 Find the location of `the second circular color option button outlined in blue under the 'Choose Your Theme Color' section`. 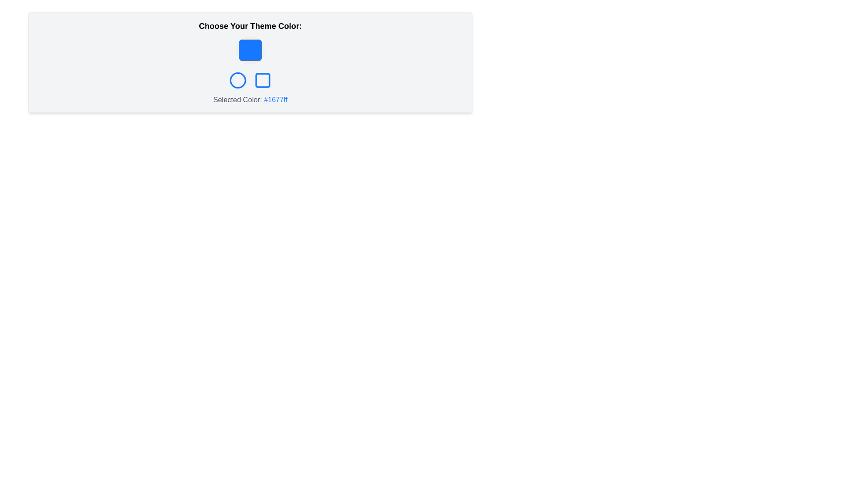

the second circular color option button outlined in blue under the 'Choose Your Theme Color' section is located at coordinates (238, 80).